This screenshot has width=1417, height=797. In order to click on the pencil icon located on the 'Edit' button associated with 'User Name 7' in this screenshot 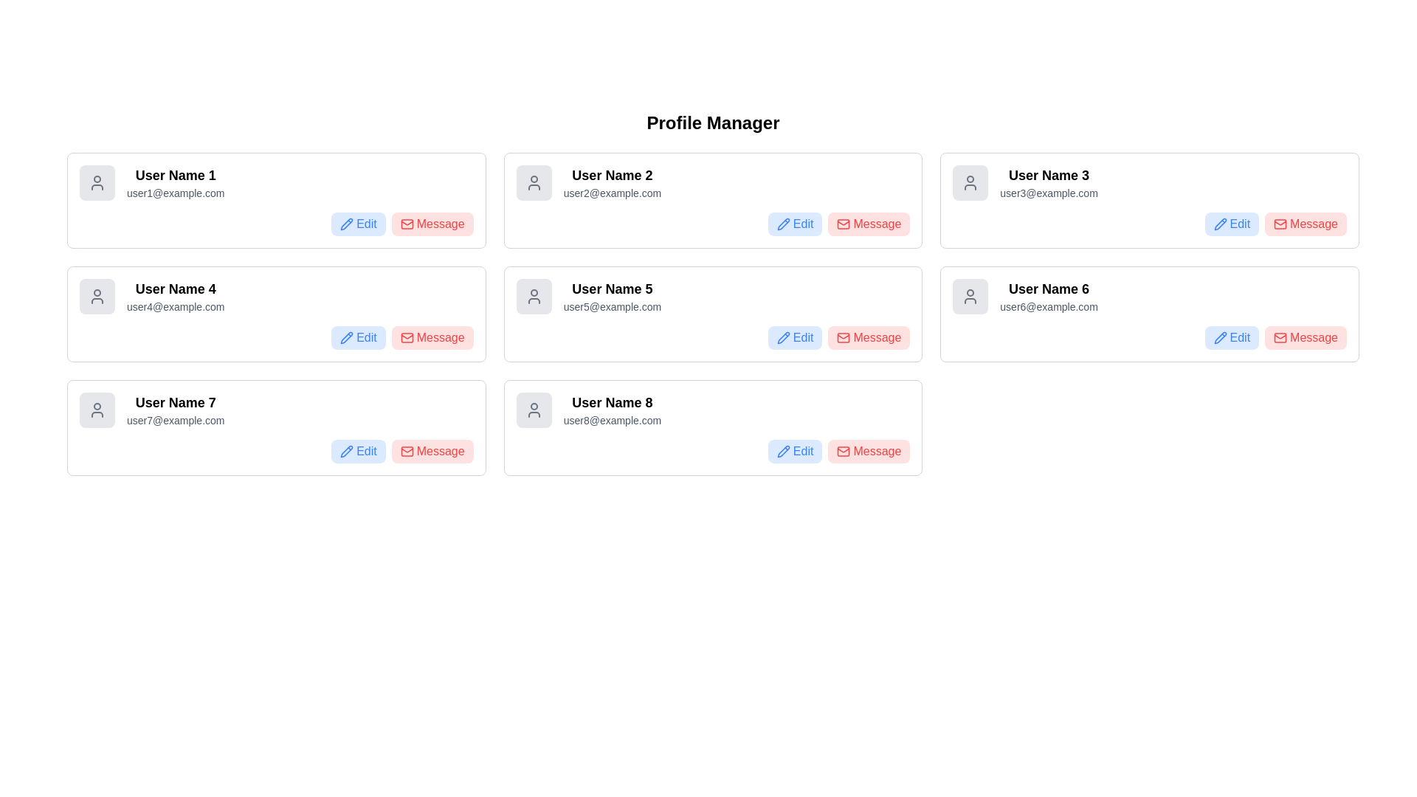, I will do `click(346, 451)`.